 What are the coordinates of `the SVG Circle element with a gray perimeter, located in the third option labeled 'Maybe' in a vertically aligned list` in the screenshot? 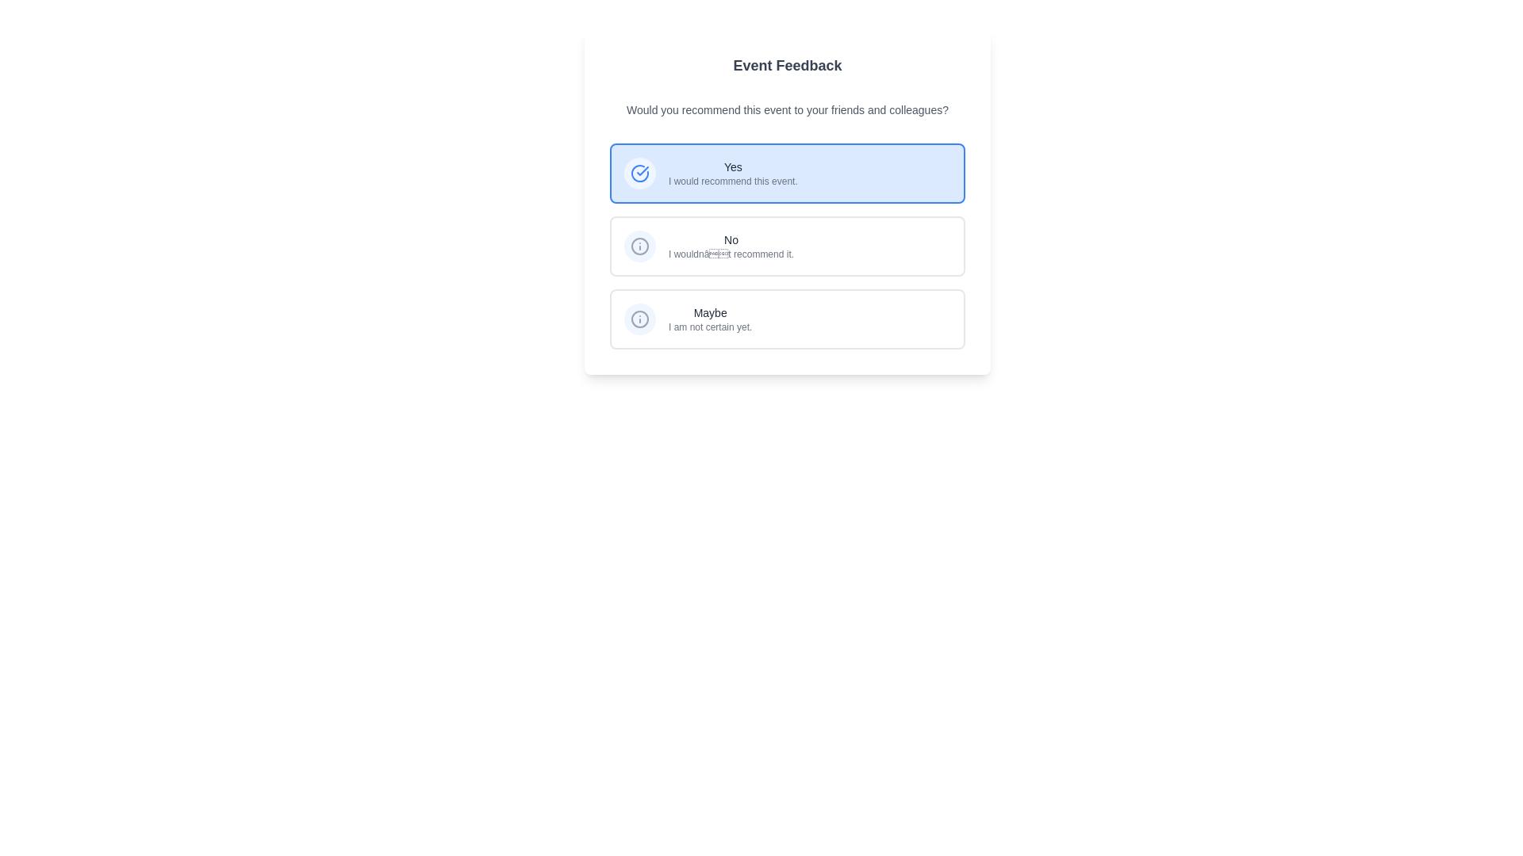 It's located at (639, 319).